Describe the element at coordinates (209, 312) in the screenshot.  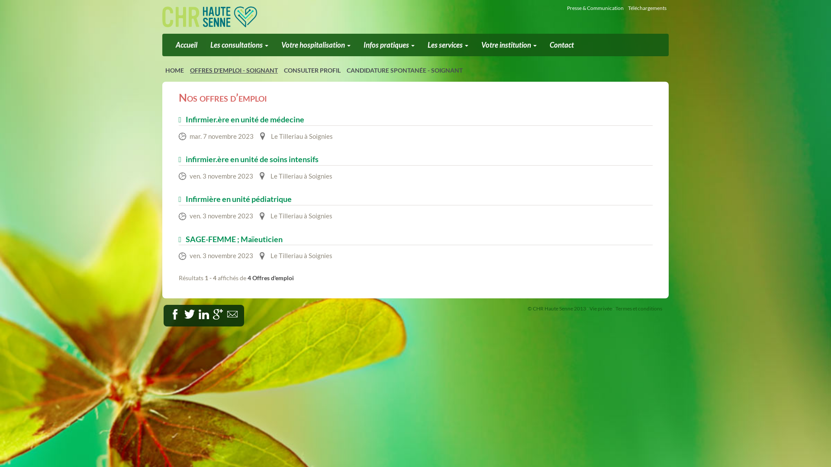
I see `'LinkedIn'` at that location.